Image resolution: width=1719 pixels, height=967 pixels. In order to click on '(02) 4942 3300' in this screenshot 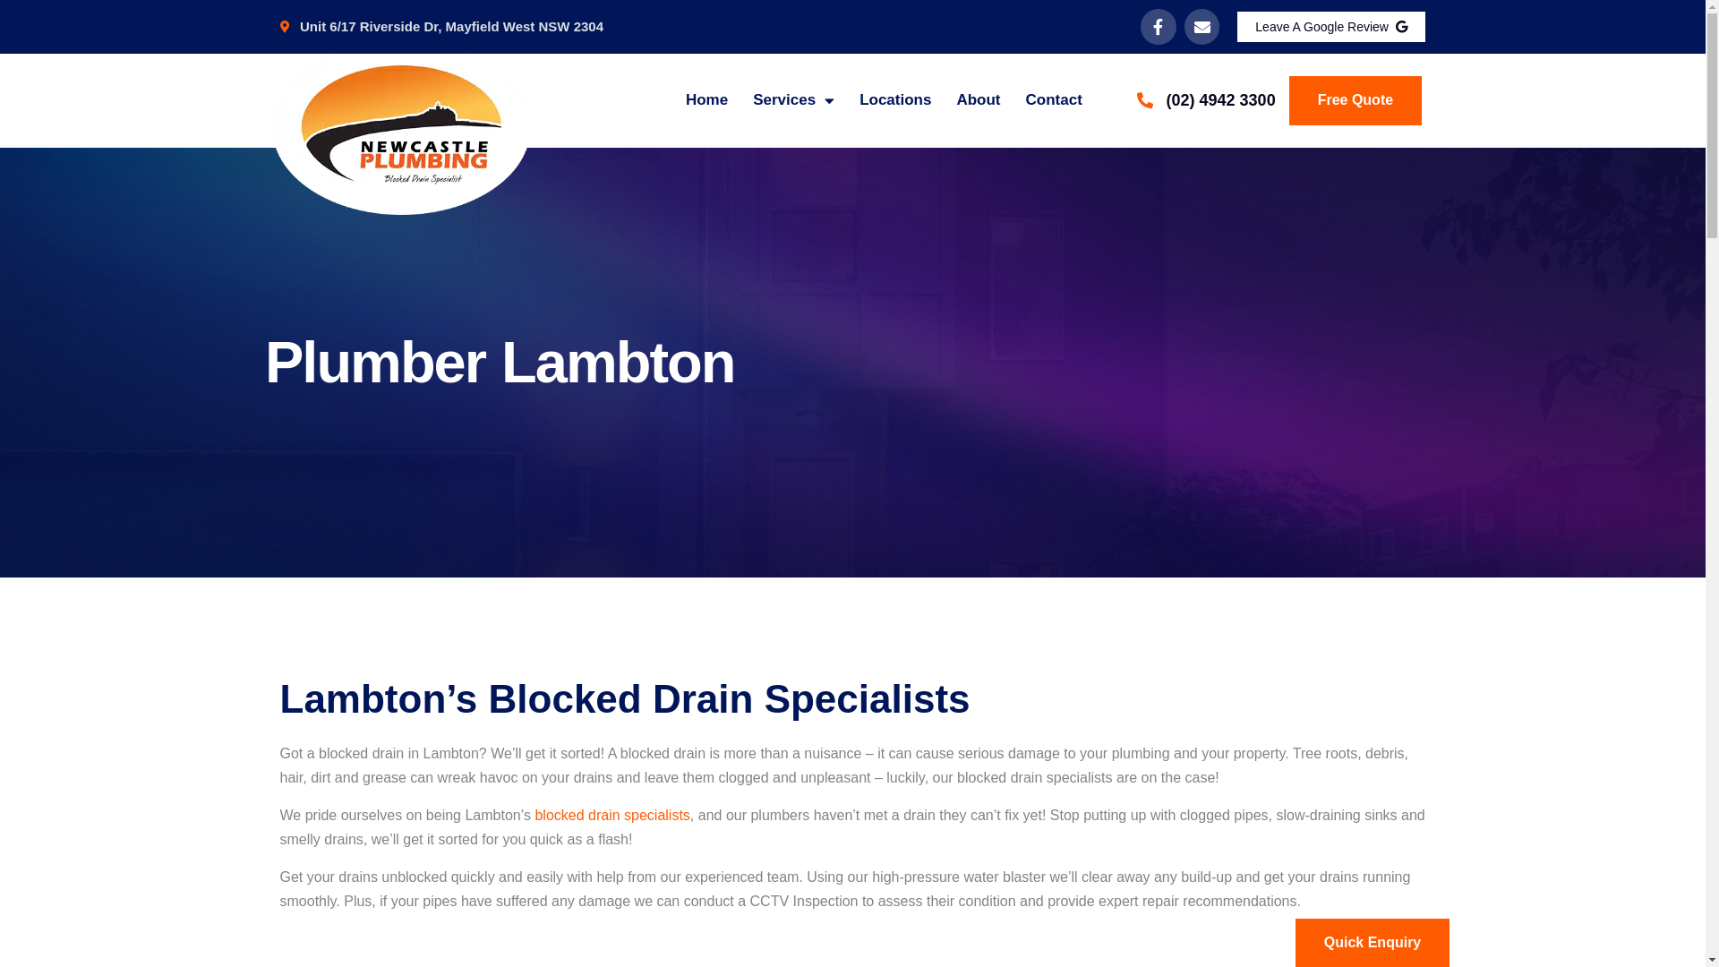, I will do `click(1205, 100)`.